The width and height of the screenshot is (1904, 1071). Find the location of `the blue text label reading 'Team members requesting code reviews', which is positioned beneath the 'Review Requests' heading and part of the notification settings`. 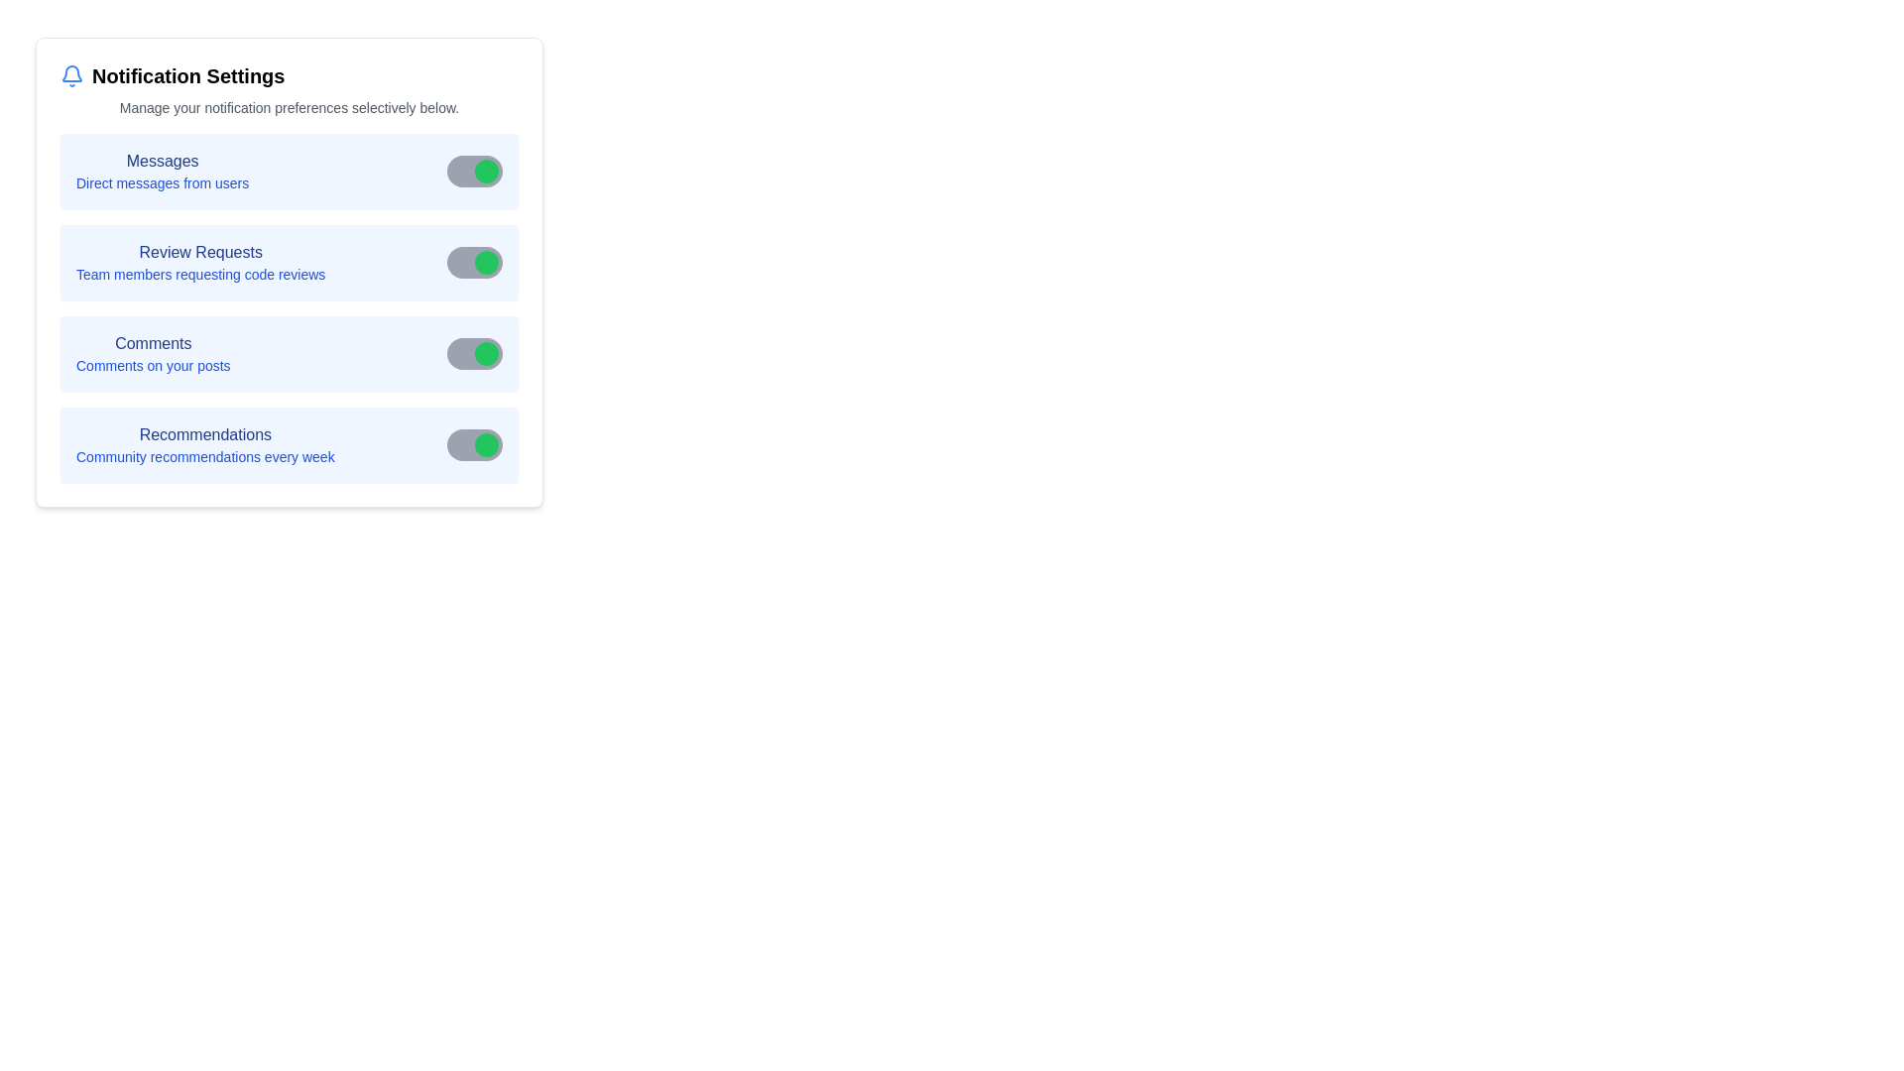

the blue text label reading 'Team members requesting code reviews', which is positioned beneath the 'Review Requests' heading and part of the notification settings is located at coordinates (200, 275).